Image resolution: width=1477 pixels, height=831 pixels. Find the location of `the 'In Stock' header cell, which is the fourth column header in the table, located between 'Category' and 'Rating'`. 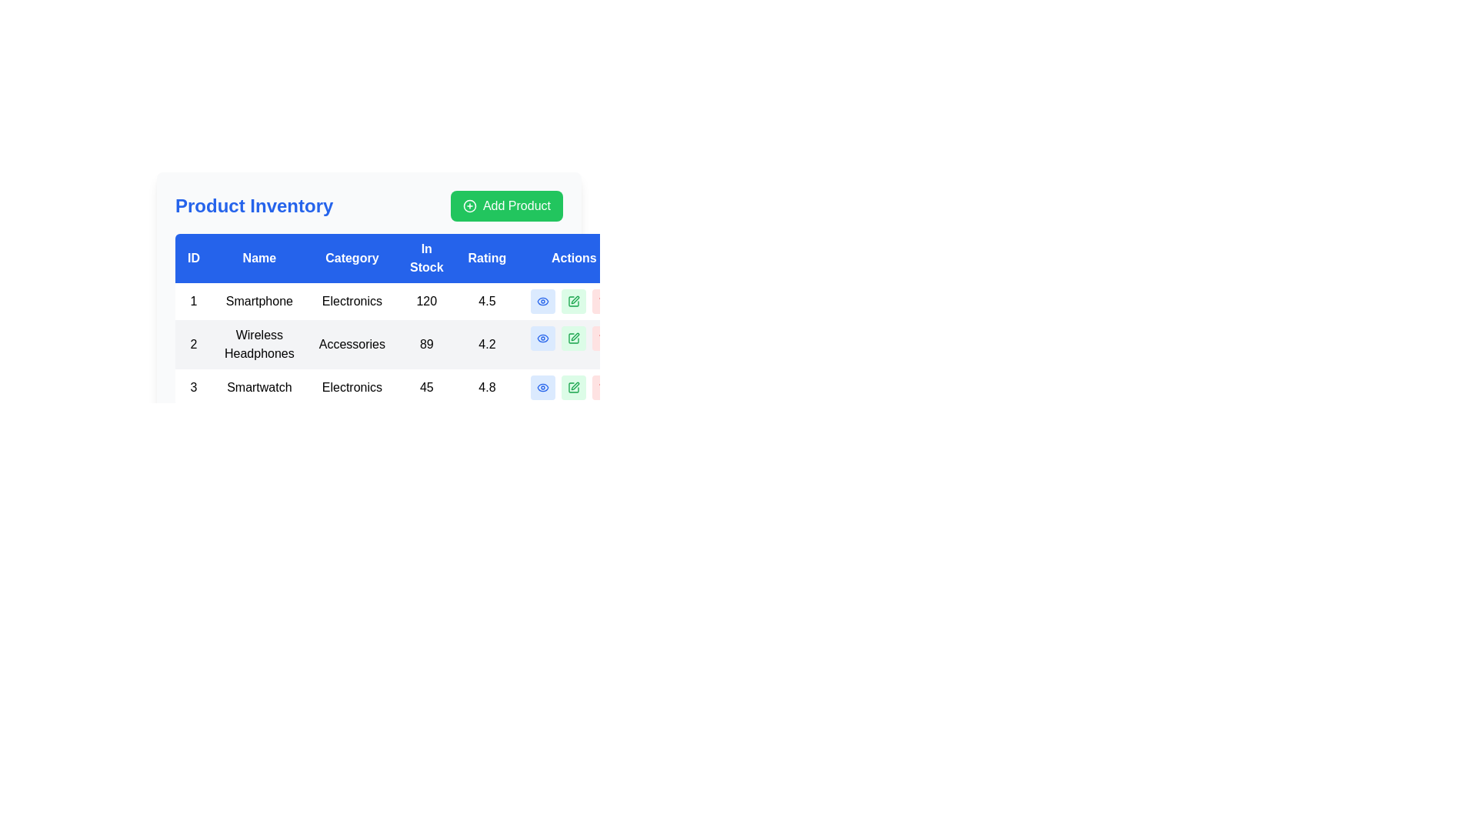

the 'In Stock' header cell, which is the fourth column header in the table, located between 'Category' and 'Rating' is located at coordinates (426, 257).